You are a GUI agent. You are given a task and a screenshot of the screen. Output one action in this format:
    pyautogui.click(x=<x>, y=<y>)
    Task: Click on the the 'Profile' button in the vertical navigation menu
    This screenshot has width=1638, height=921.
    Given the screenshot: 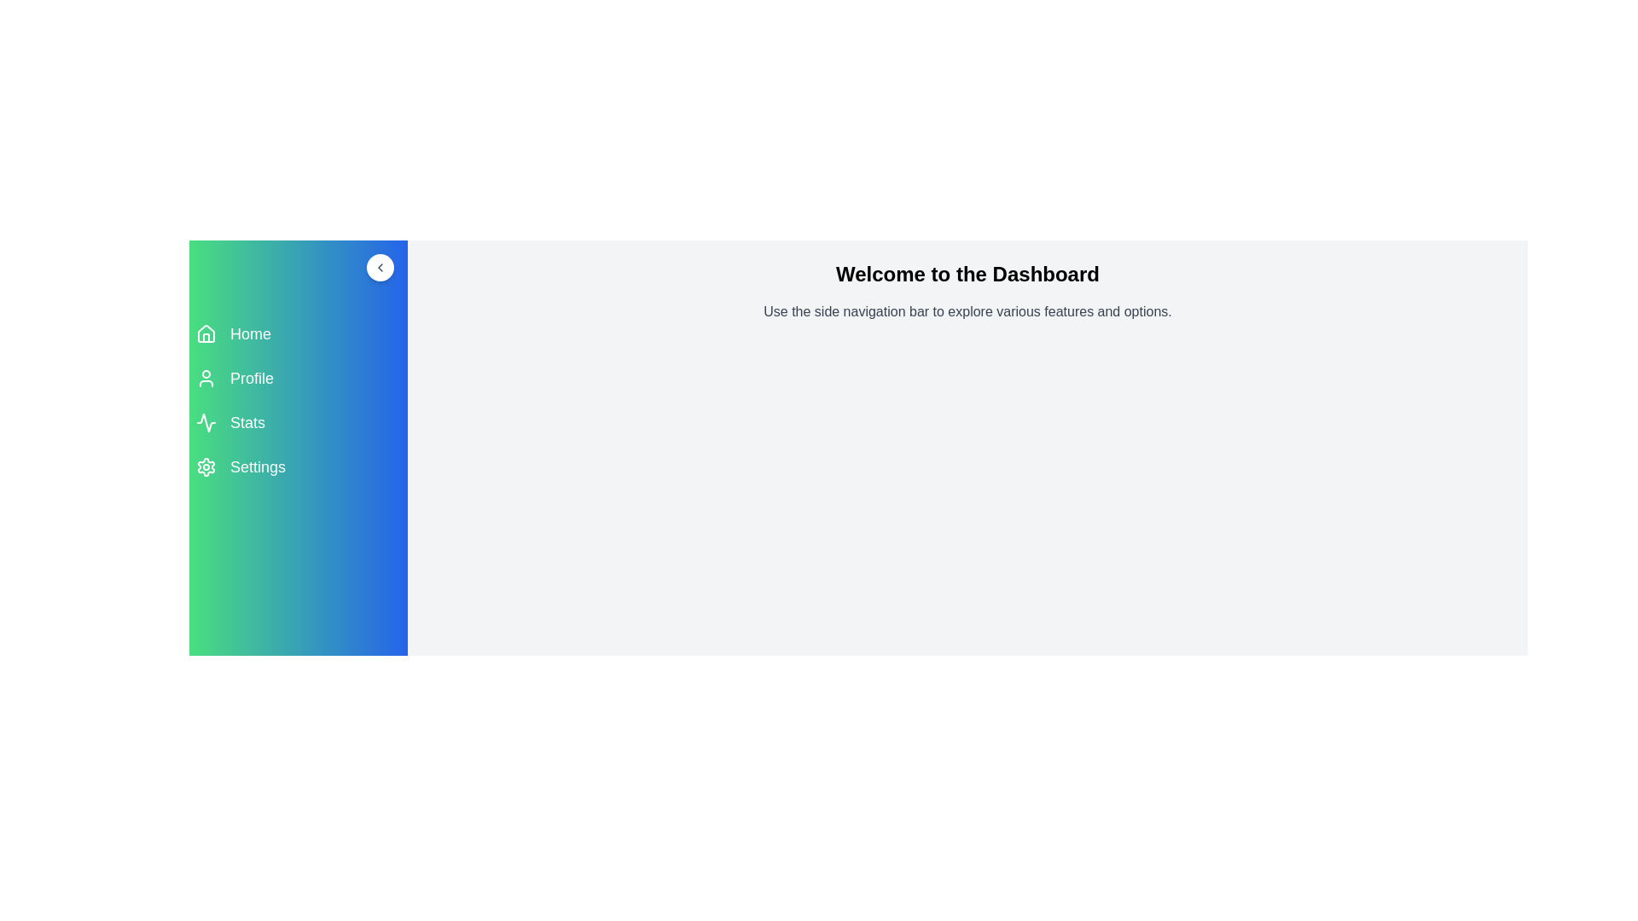 What is the action you would take?
    pyautogui.click(x=299, y=377)
    